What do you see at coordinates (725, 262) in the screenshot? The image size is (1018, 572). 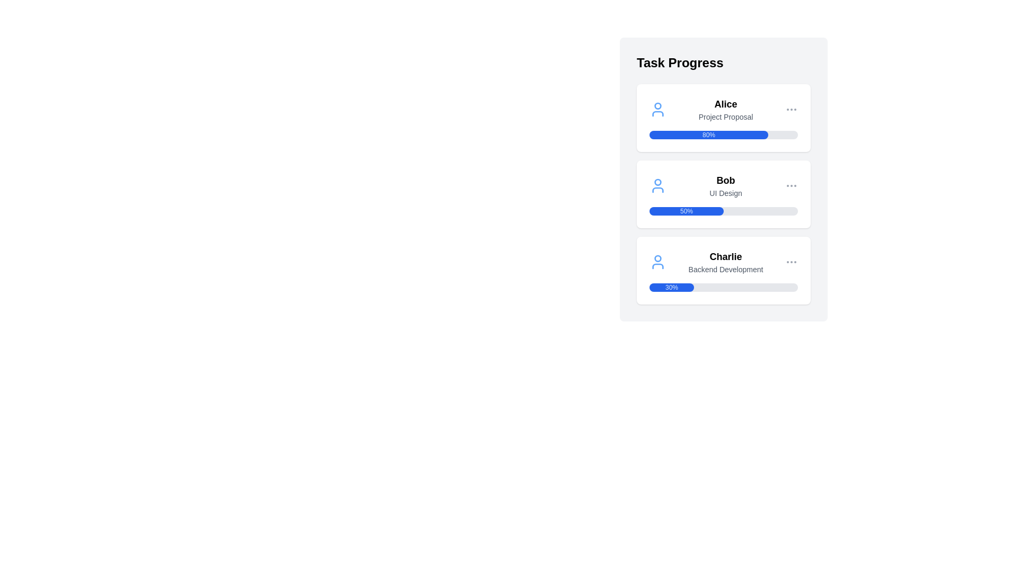 I see `user-related information displayed in the third Information card under the 'Task Progress' section, which includes the name and job title or department` at bounding box center [725, 262].